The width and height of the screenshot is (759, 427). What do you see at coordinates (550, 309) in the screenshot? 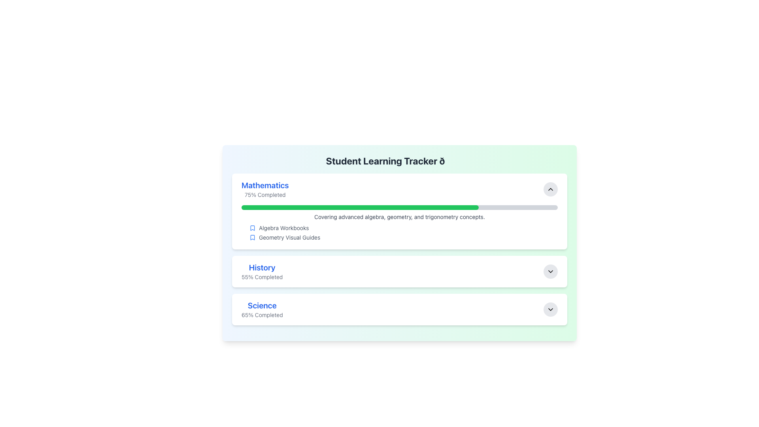
I see `the circular button containing the downward chevron icon in the bottom-right section of the Science progress card` at bounding box center [550, 309].